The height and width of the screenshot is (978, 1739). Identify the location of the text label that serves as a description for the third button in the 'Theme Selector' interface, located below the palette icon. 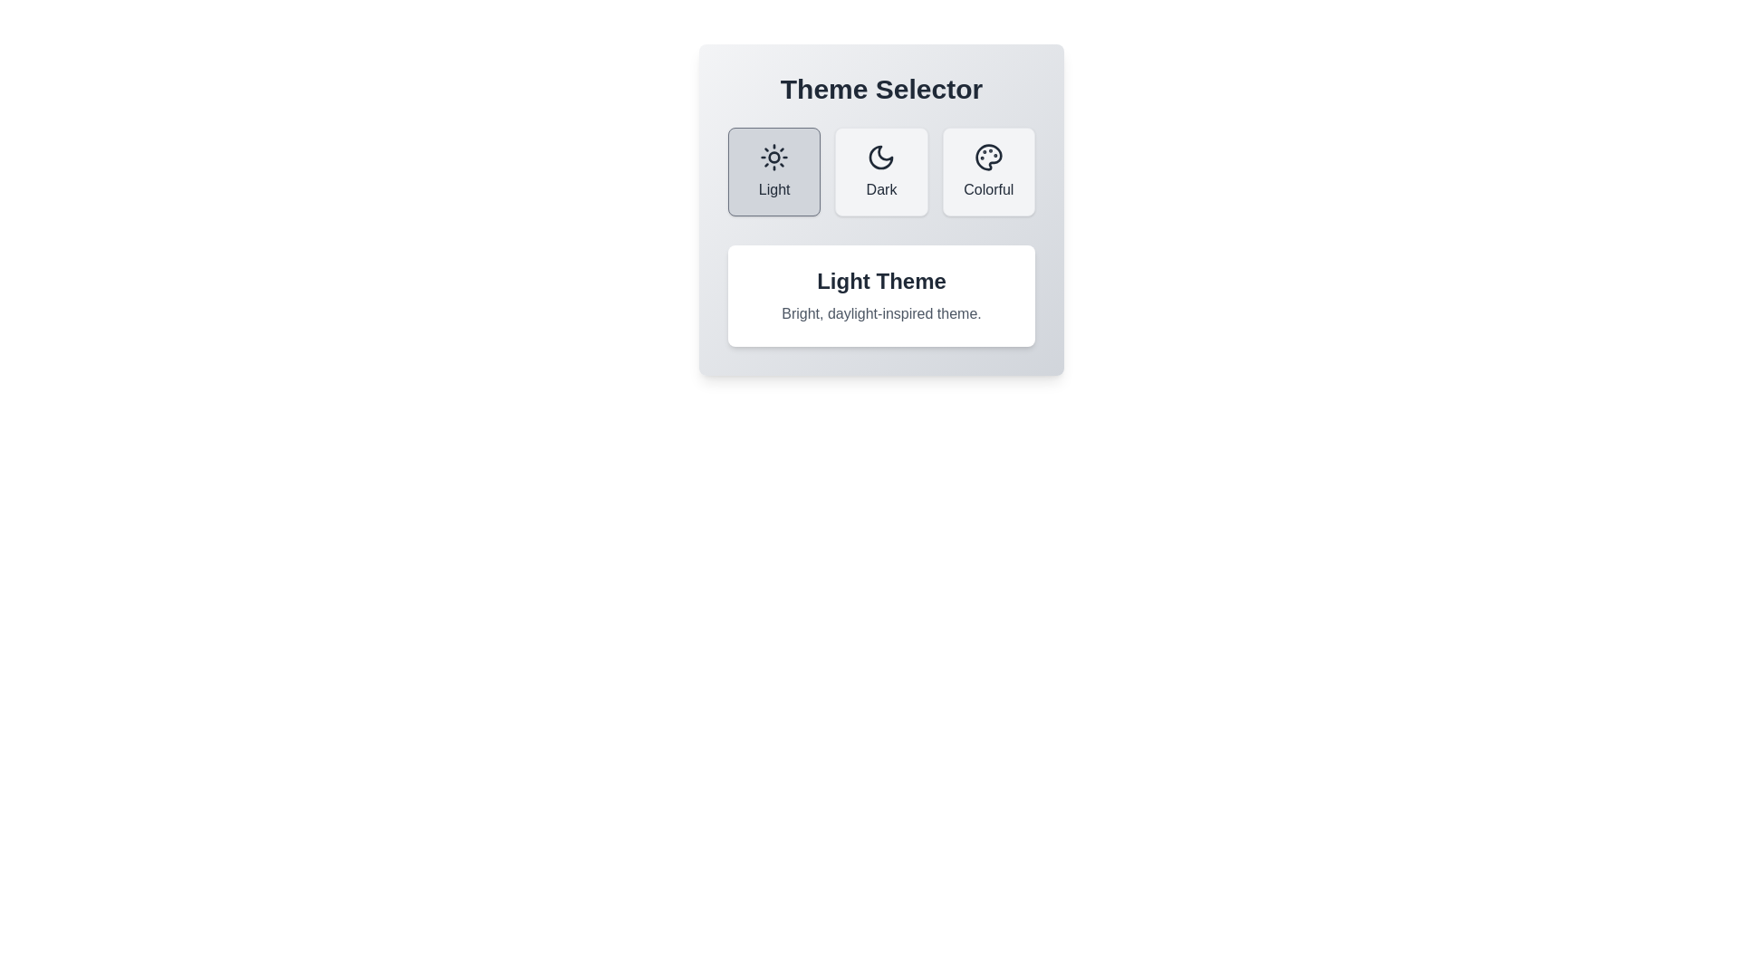
(987, 189).